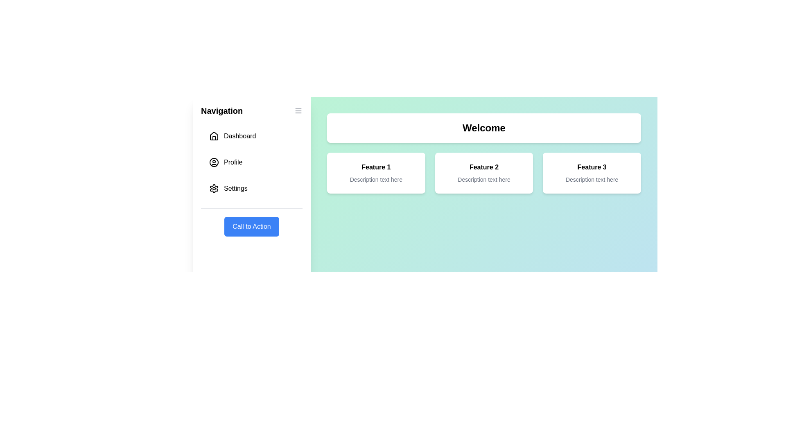  Describe the element at coordinates (592, 173) in the screenshot. I see `the feature card labeled Feature 3` at that location.